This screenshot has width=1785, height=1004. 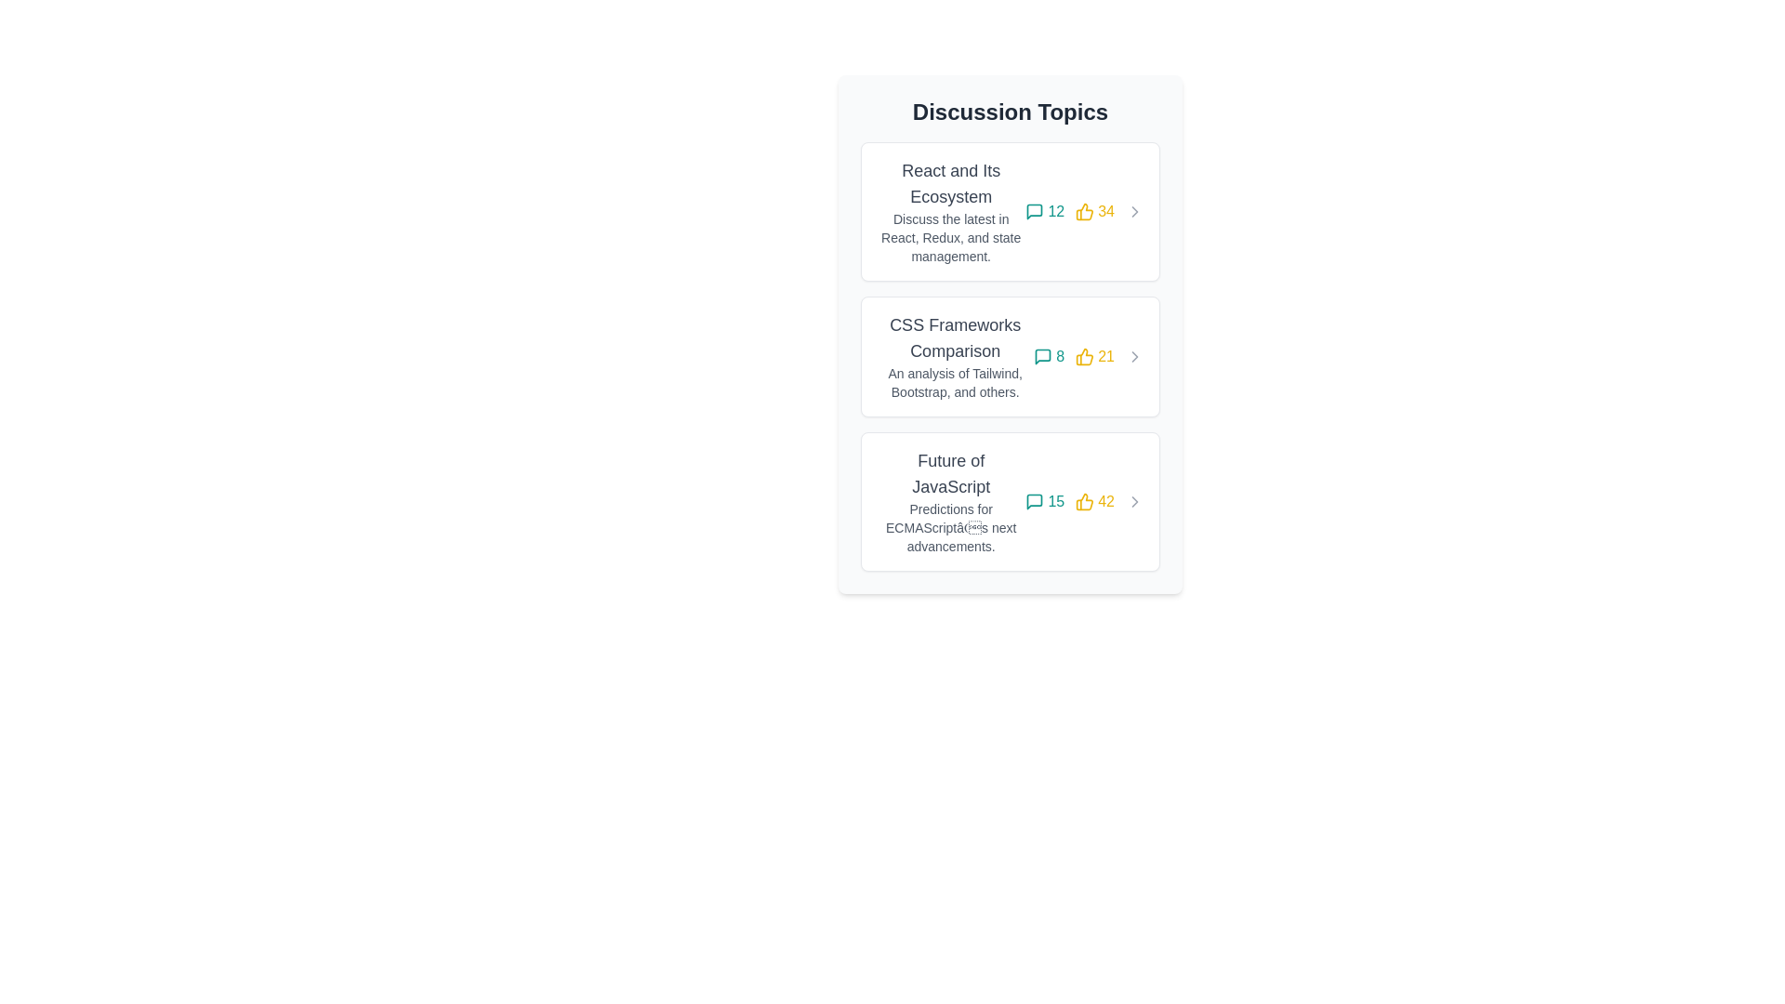 What do you see at coordinates (1094, 502) in the screenshot?
I see `the text label displaying the count of positive reactions (likes) related to the topic 'Future of JavaScript', located at the far right of the card and immediately to the right of the thumbs-up icon` at bounding box center [1094, 502].